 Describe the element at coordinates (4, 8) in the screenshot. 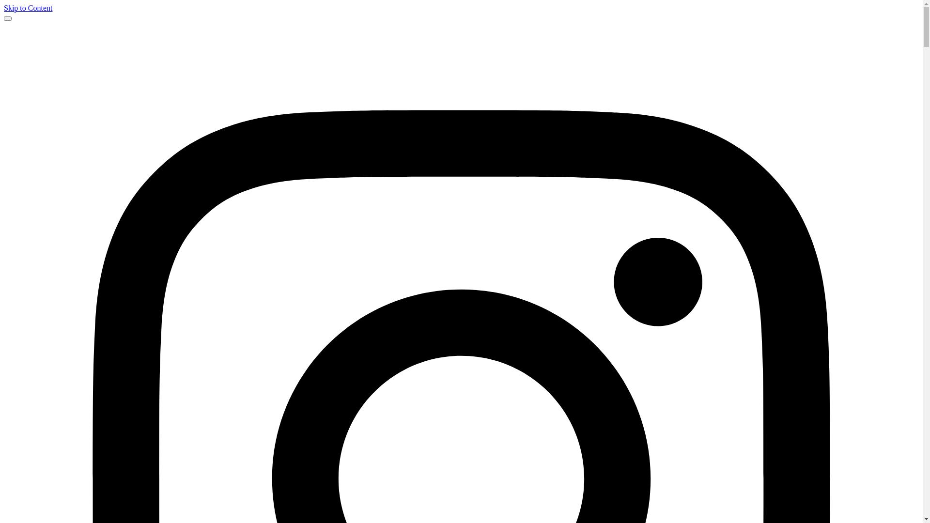

I see `'Skip to Content'` at that location.